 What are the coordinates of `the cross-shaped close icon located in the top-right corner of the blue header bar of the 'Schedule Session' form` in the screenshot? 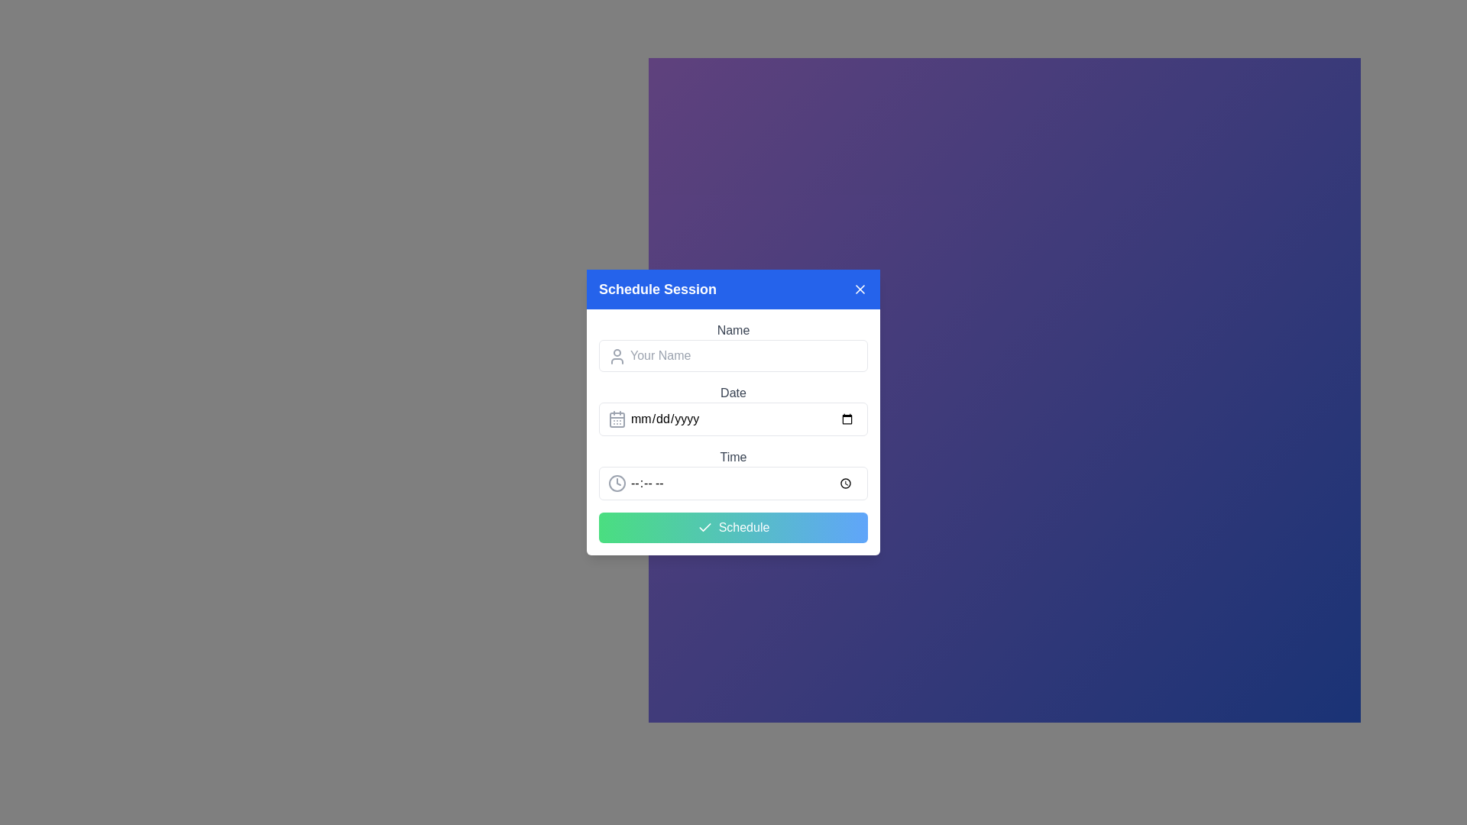 It's located at (860, 289).